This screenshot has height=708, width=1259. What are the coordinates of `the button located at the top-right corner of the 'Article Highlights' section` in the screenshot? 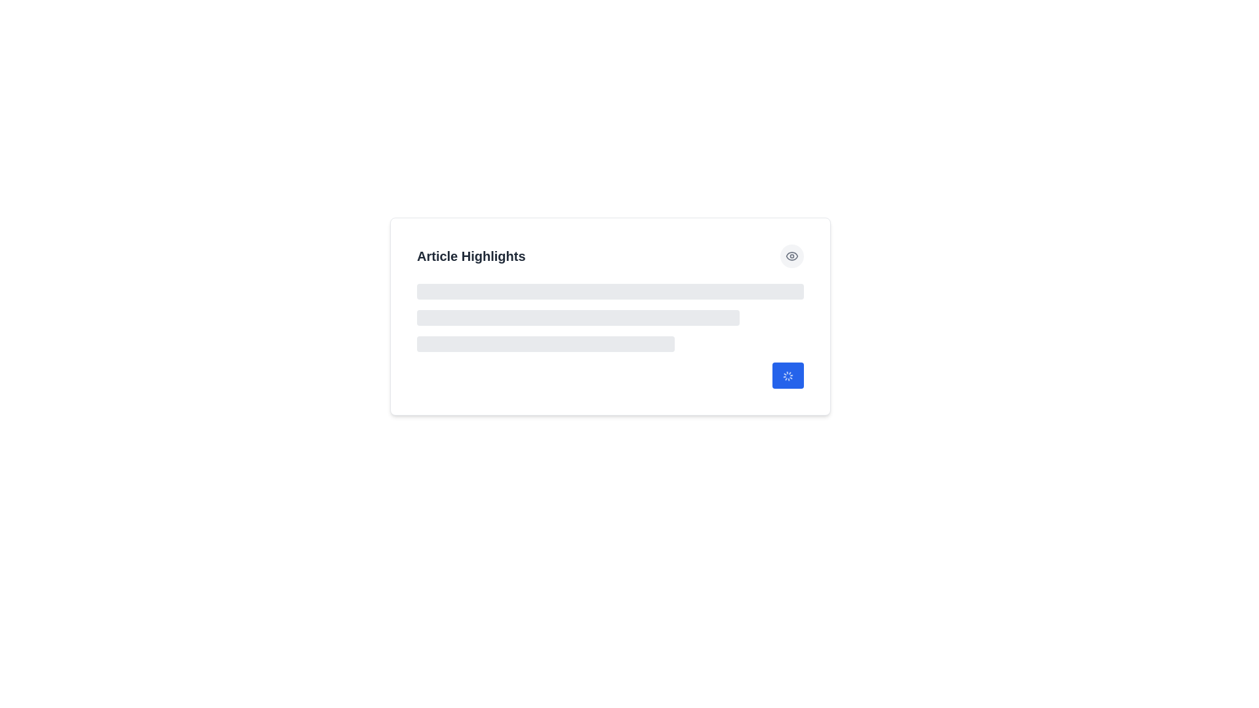 It's located at (791, 256).